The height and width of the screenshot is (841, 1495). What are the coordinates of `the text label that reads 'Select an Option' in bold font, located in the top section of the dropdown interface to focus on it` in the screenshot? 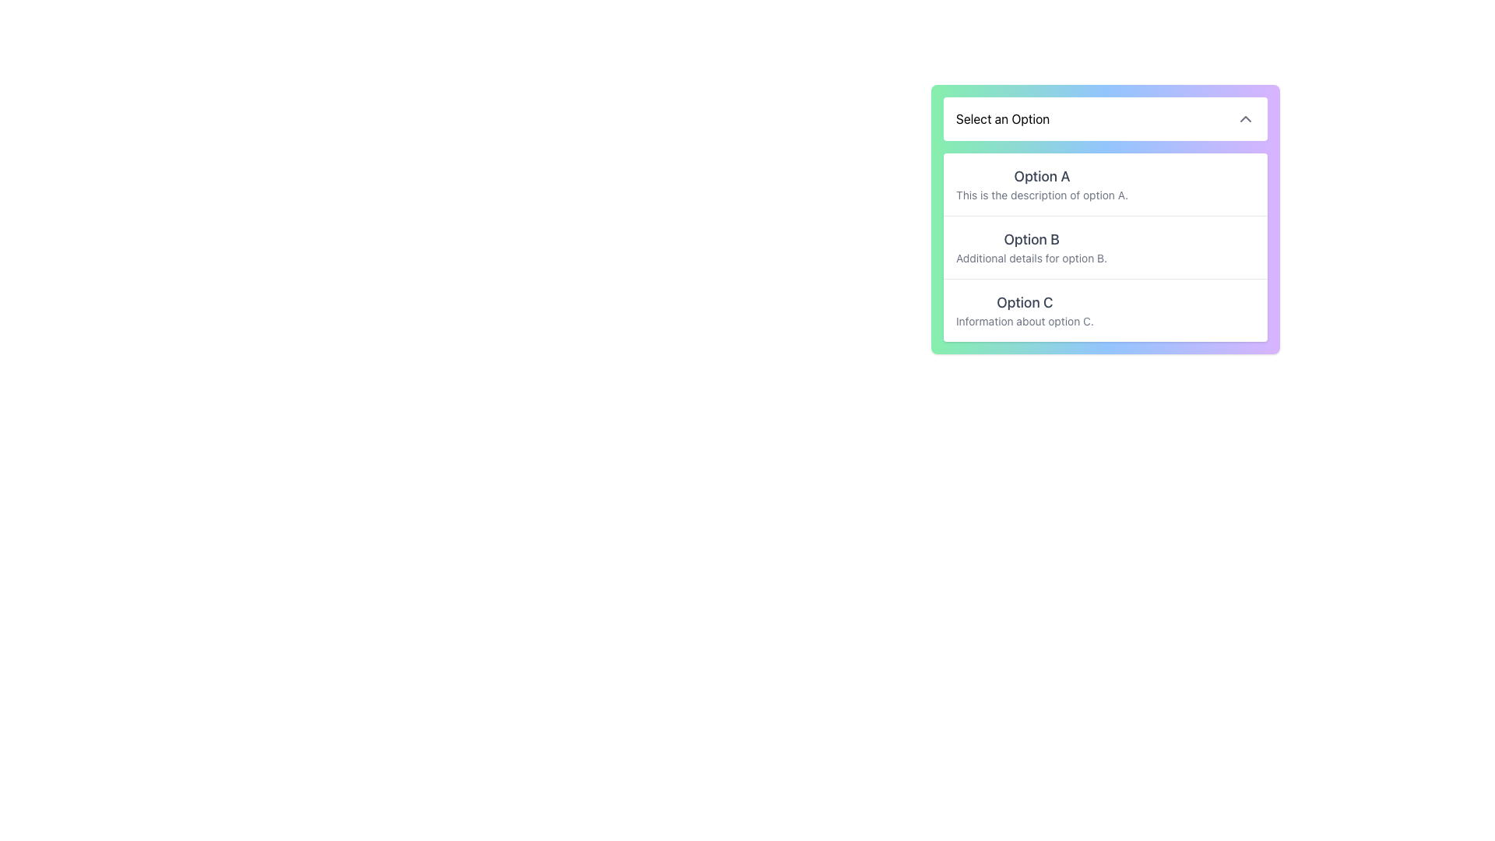 It's located at (1003, 118).